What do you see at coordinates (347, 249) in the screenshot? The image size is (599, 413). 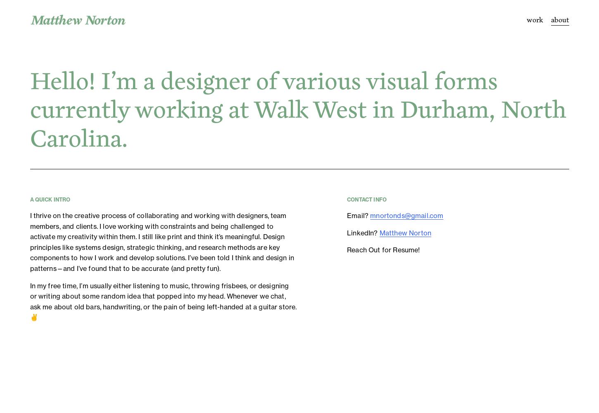 I see `'Reach Out for Resume!'` at bounding box center [347, 249].